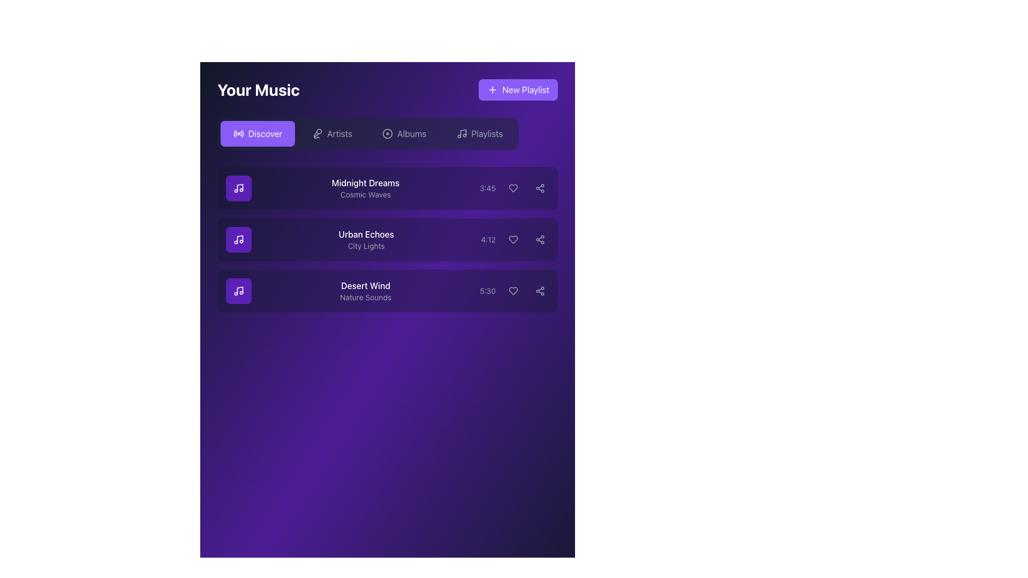 Image resolution: width=1028 pixels, height=578 pixels. What do you see at coordinates (238, 187) in the screenshot?
I see `the music-related icon representing the track 'Midnight Dreams' located at the leftmost side of the first row in a vertical list of items, aligned to the left of the text 'Midnight Dreams Cosmic Waves.'` at bounding box center [238, 187].